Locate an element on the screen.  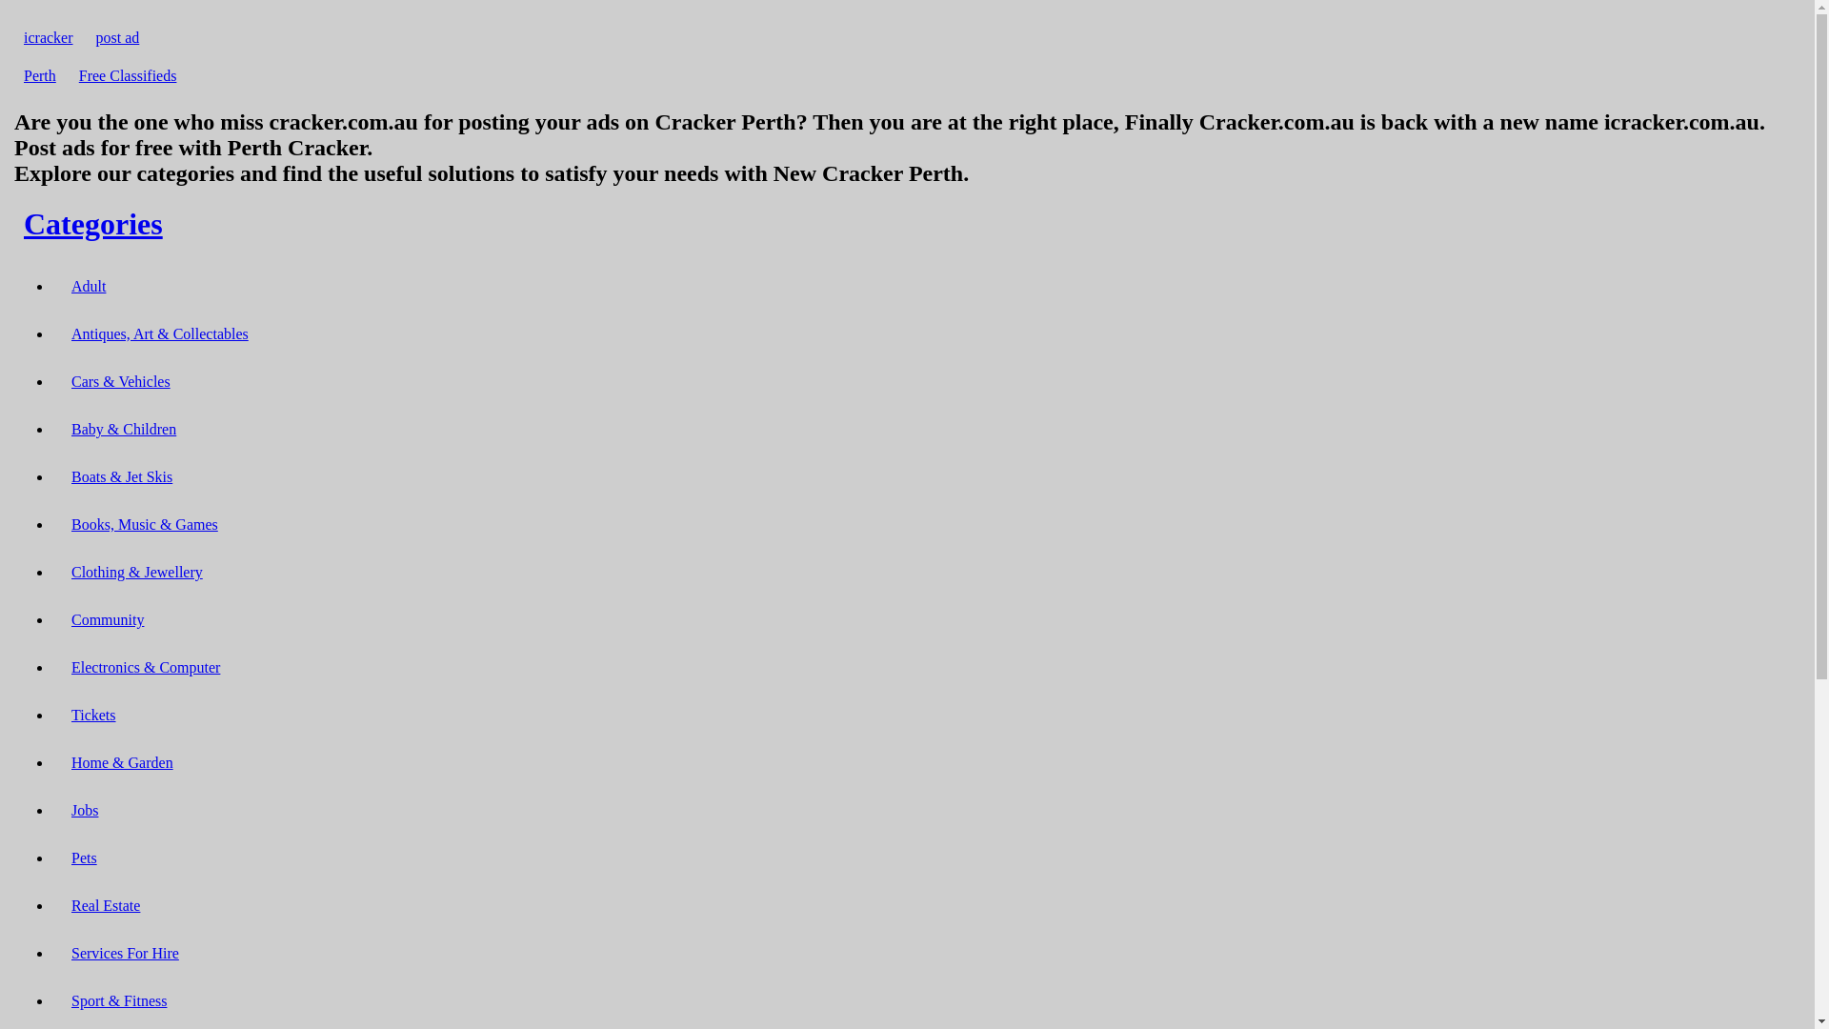
'Baby & Children' is located at coordinates (62, 429).